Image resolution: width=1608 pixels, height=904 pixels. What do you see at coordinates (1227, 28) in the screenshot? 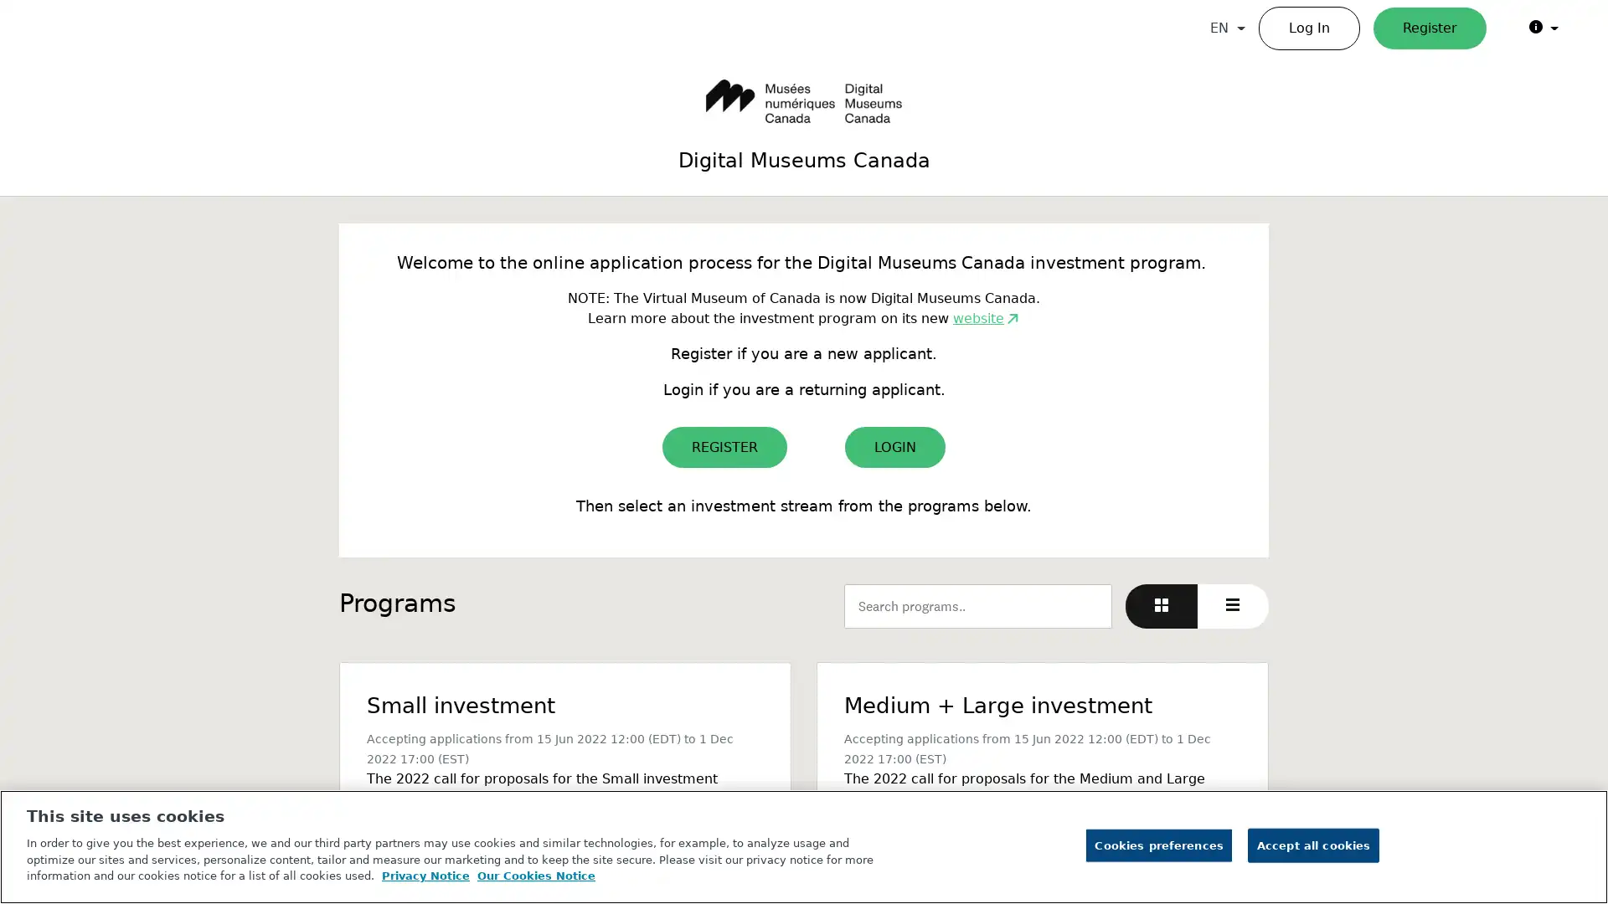
I see `EN` at bounding box center [1227, 28].